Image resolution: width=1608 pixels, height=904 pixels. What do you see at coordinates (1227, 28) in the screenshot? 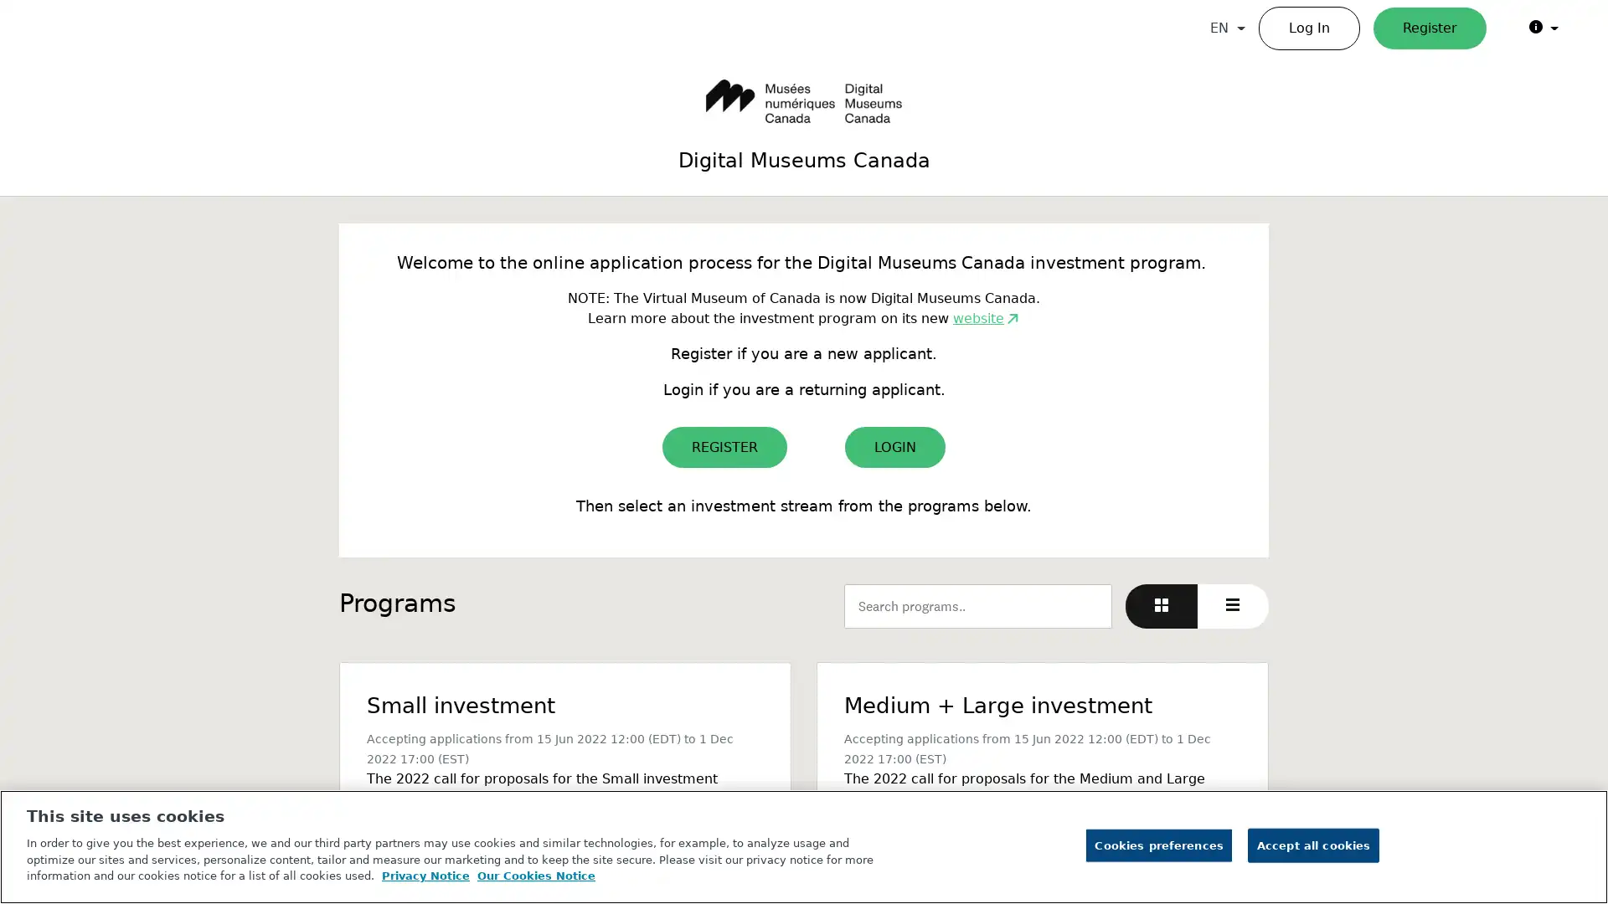
I see `EN` at bounding box center [1227, 28].